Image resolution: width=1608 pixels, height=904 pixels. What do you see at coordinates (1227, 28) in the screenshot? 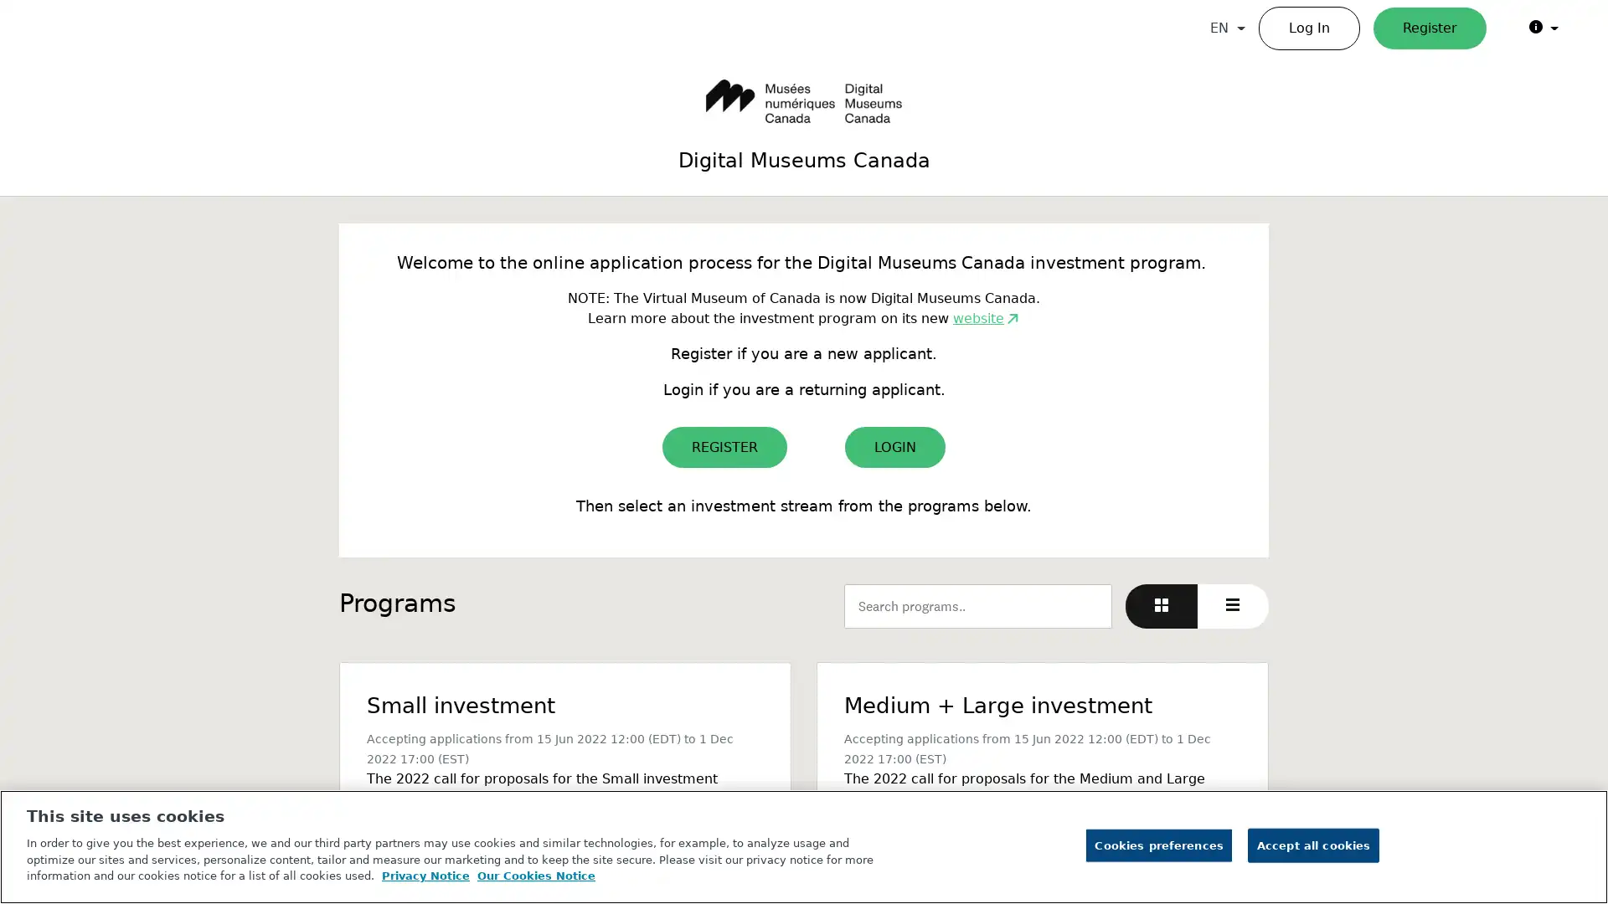
I see `EN` at bounding box center [1227, 28].